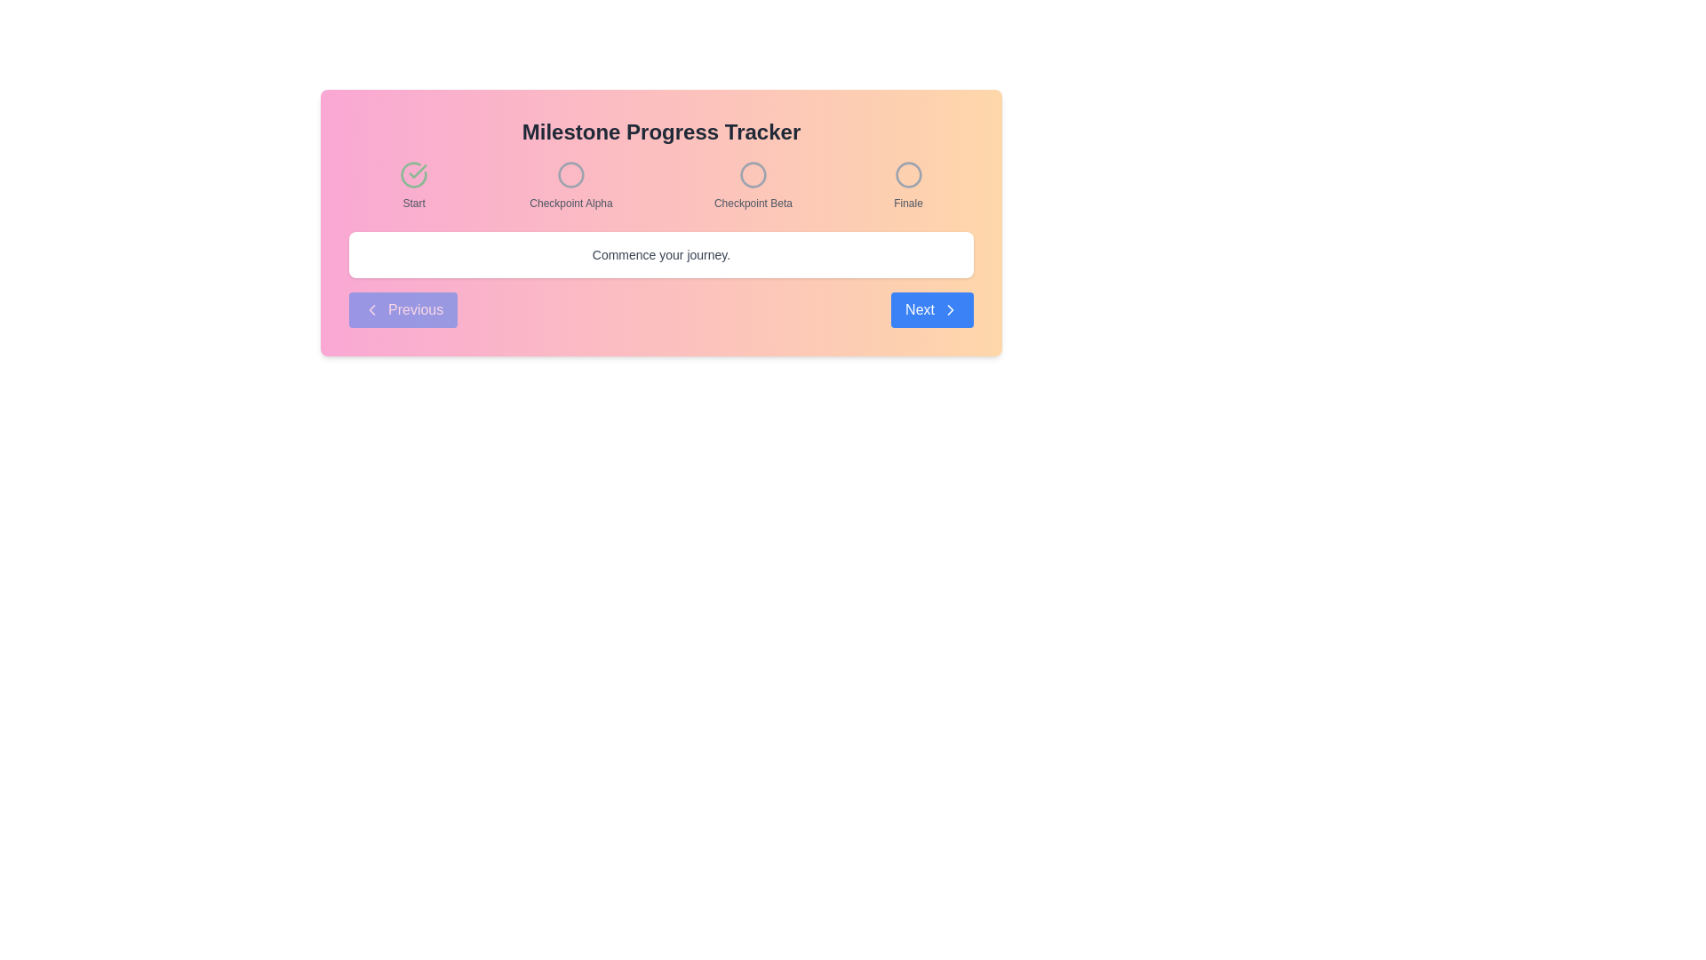 Image resolution: width=1706 pixels, height=960 pixels. What do you see at coordinates (660, 254) in the screenshot?
I see `the text element that reads 'Commence your journey.' which is styled in a smaller font size and gray color, centrally located in a white box with rounded corners and shadow` at bounding box center [660, 254].